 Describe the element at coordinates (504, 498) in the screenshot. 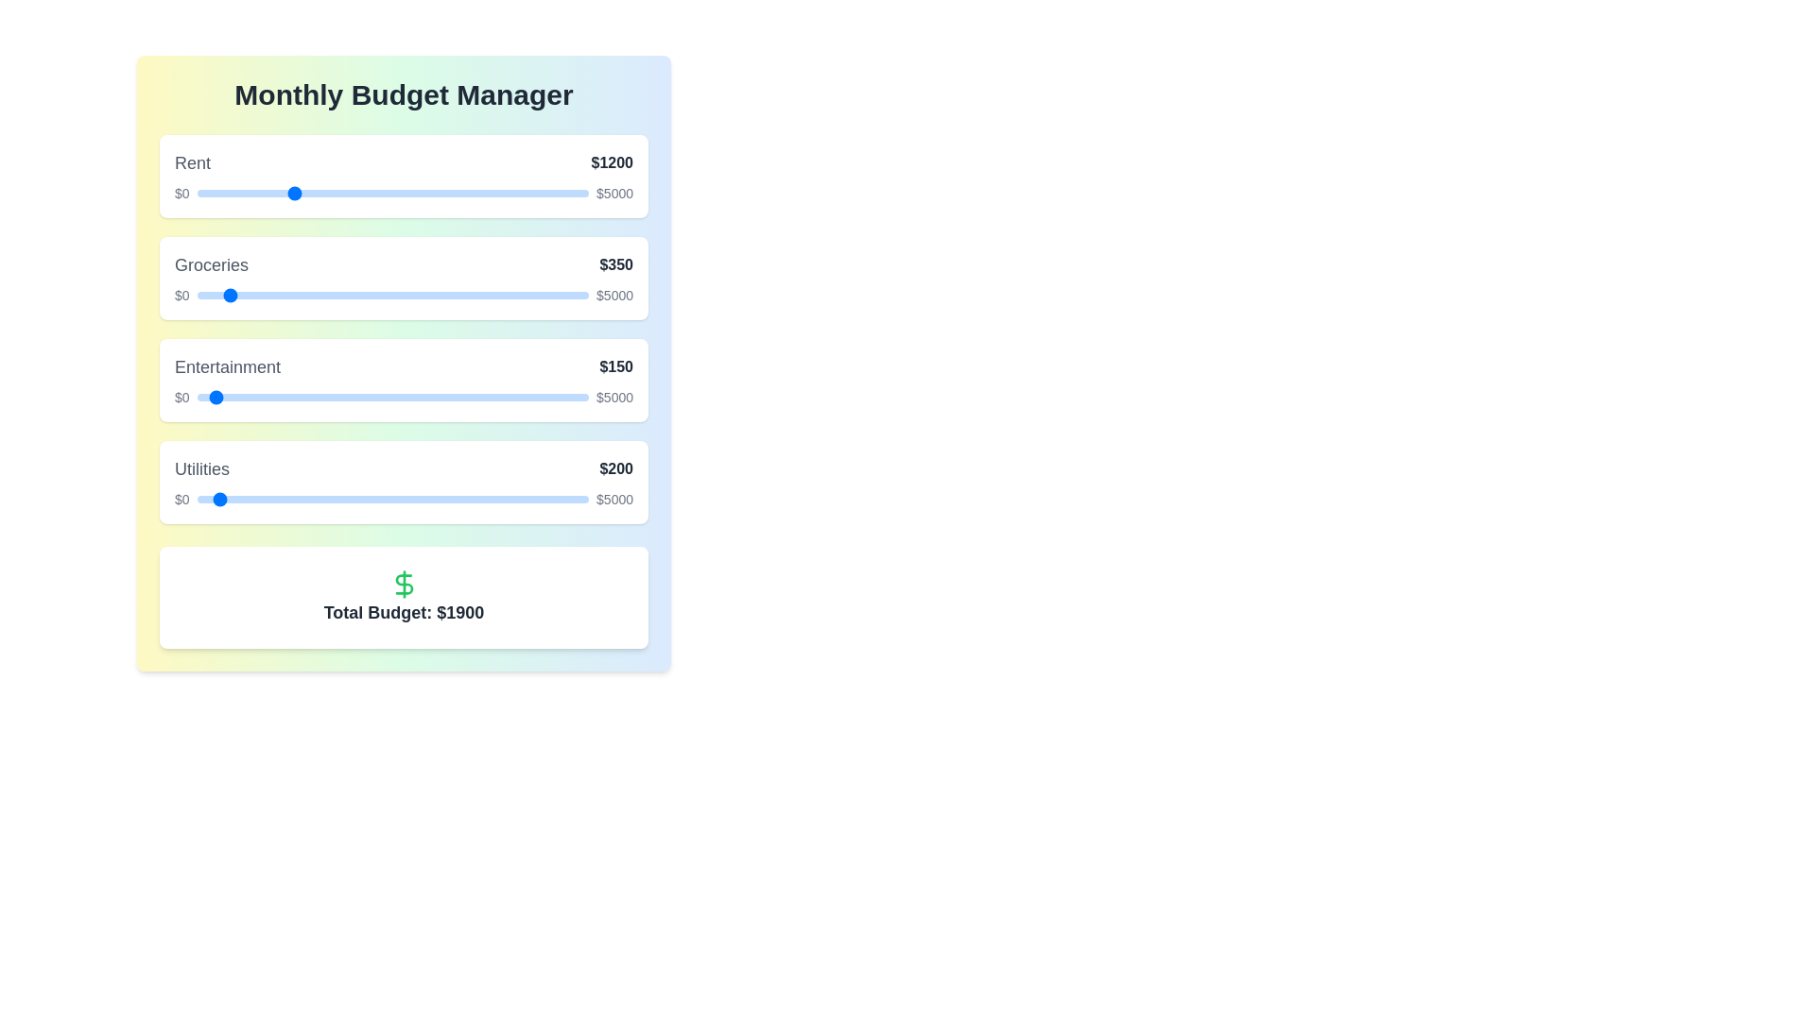

I see `the utility budget slider` at that location.